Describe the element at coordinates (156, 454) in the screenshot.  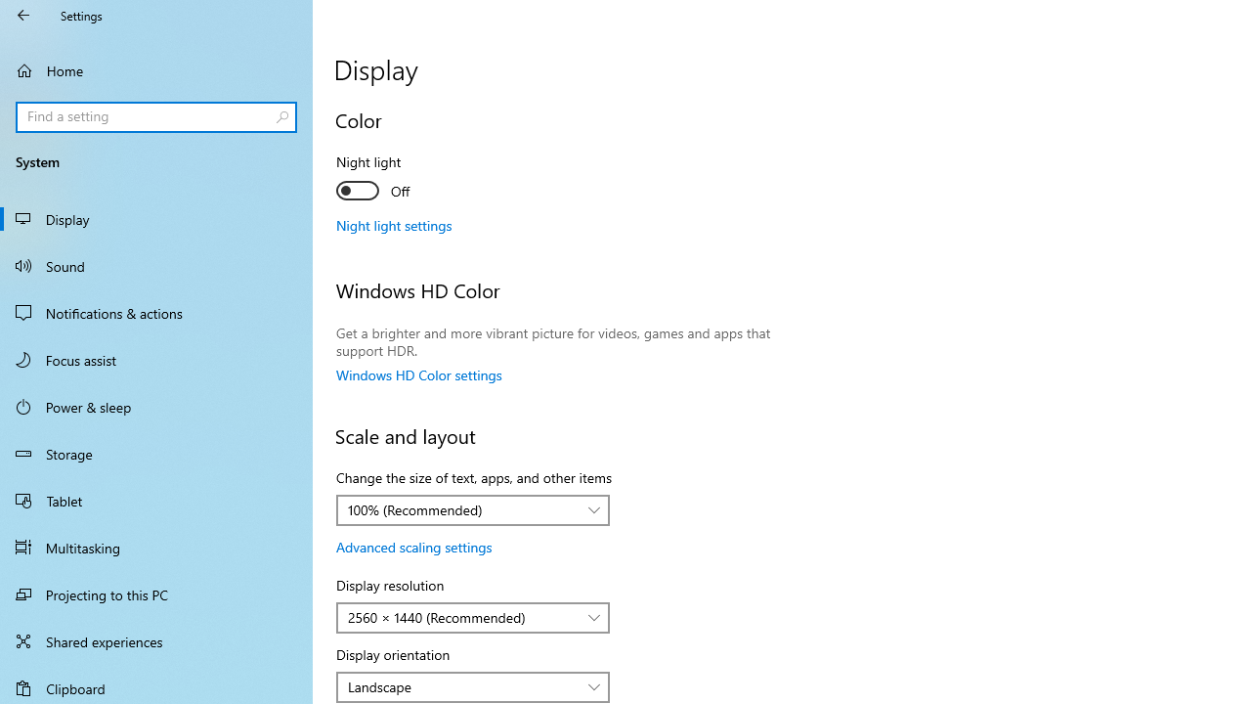
I see `'Storage'` at that location.